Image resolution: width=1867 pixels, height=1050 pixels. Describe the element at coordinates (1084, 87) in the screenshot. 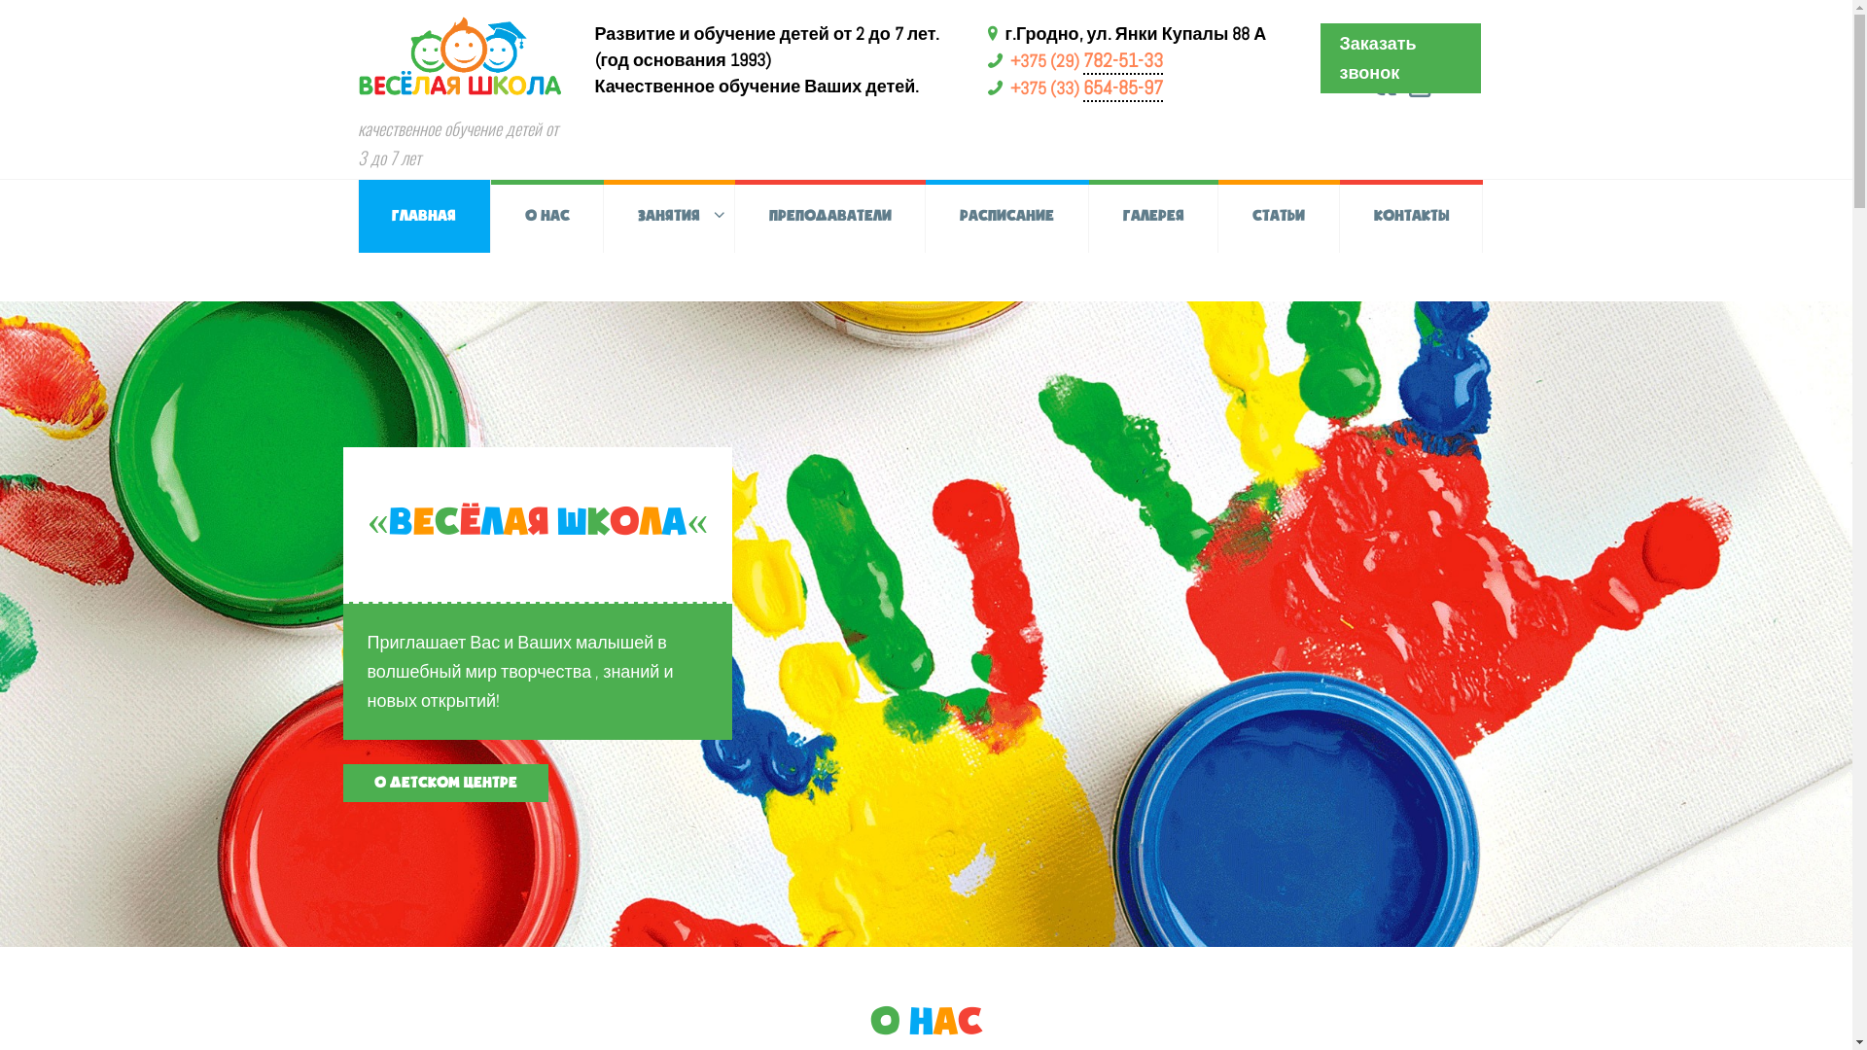

I see `'+375 (33) 654-85-97'` at that location.